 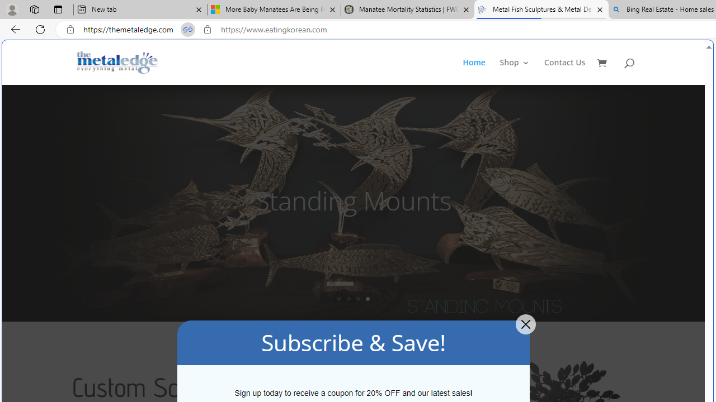 I want to click on '2', so click(x=348, y=298).